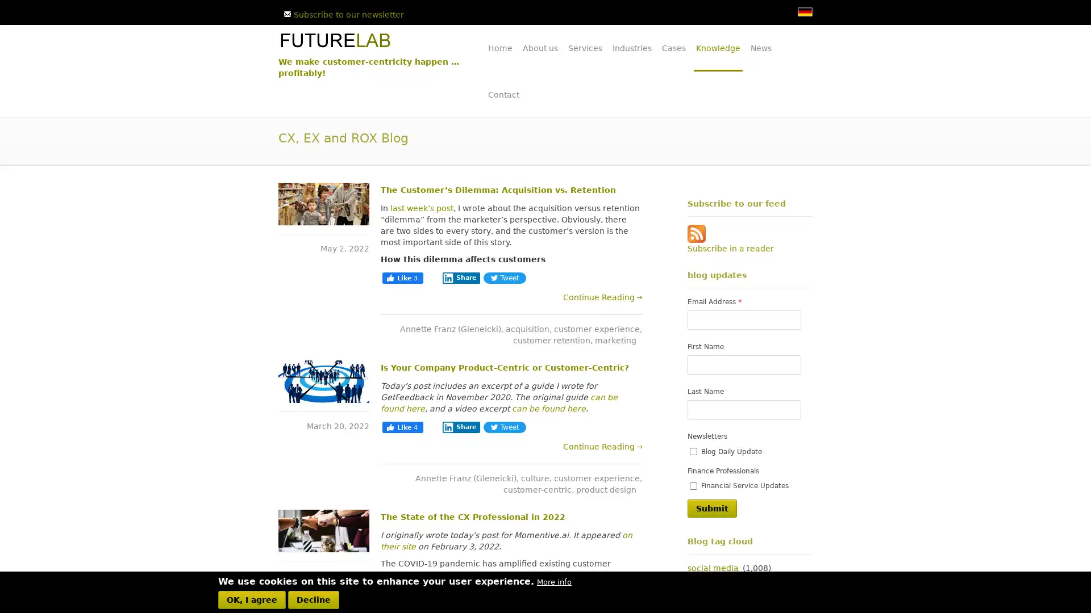 Image resolution: width=1091 pixels, height=613 pixels. I want to click on Submit, so click(711, 507).